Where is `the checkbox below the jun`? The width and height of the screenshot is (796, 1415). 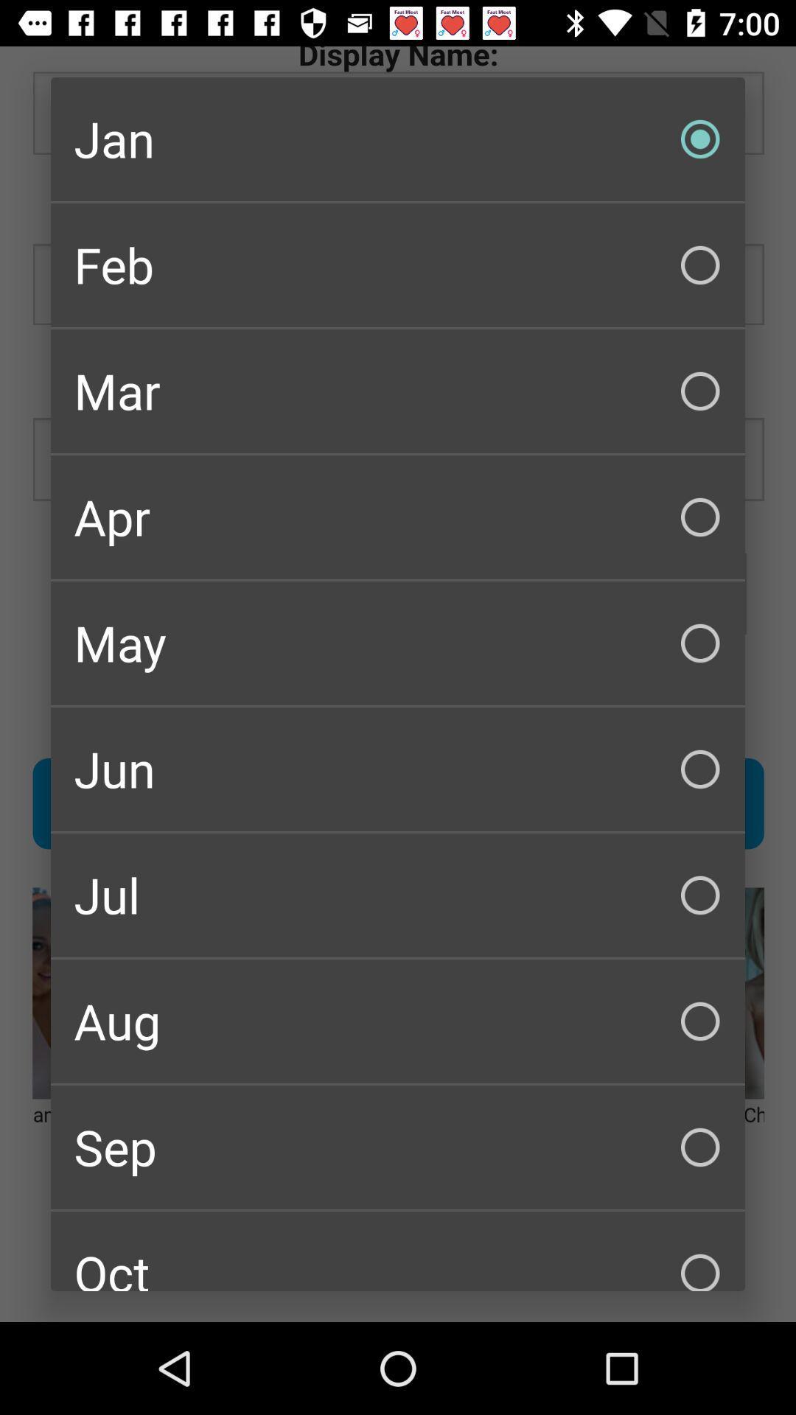
the checkbox below the jun is located at coordinates (398, 894).